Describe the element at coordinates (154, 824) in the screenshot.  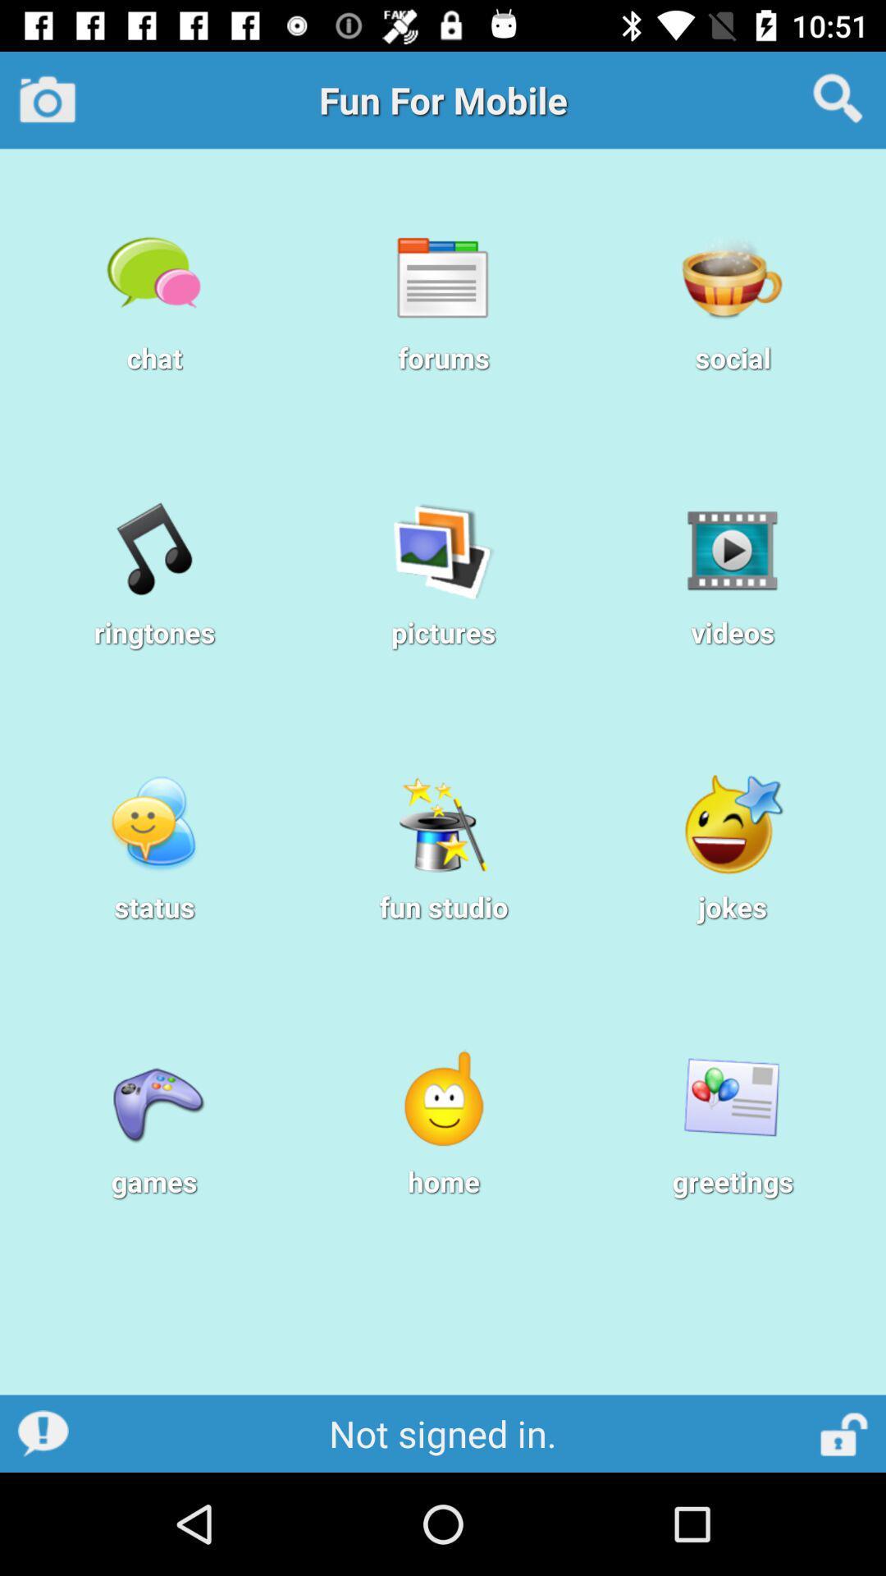
I see `the option below ringtones` at that location.